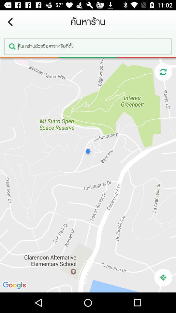 This screenshot has width=176, height=313. What do you see at coordinates (10, 22) in the screenshot?
I see `go back` at bounding box center [10, 22].